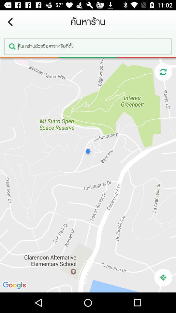 This screenshot has width=176, height=313. What do you see at coordinates (10, 22) in the screenshot?
I see `go back` at bounding box center [10, 22].